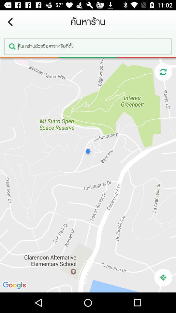 This screenshot has width=176, height=313. What do you see at coordinates (10, 22) in the screenshot?
I see `go back` at bounding box center [10, 22].